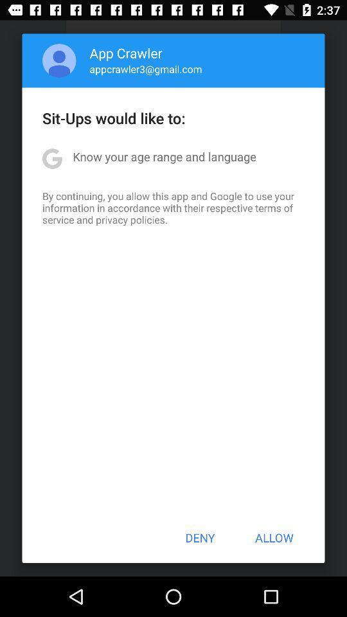  Describe the element at coordinates (165, 156) in the screenshot. I see `know your age app` at that location.